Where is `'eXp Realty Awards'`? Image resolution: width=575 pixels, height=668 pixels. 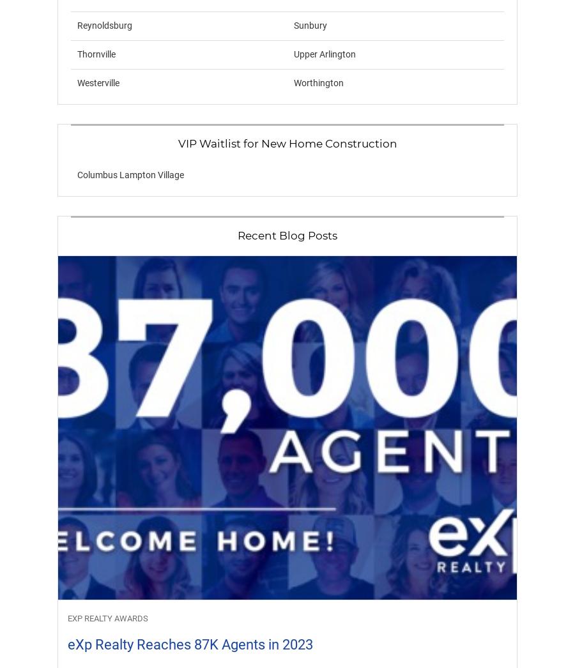 'eXp Realty Awards' is located at coordinates (108, 618).